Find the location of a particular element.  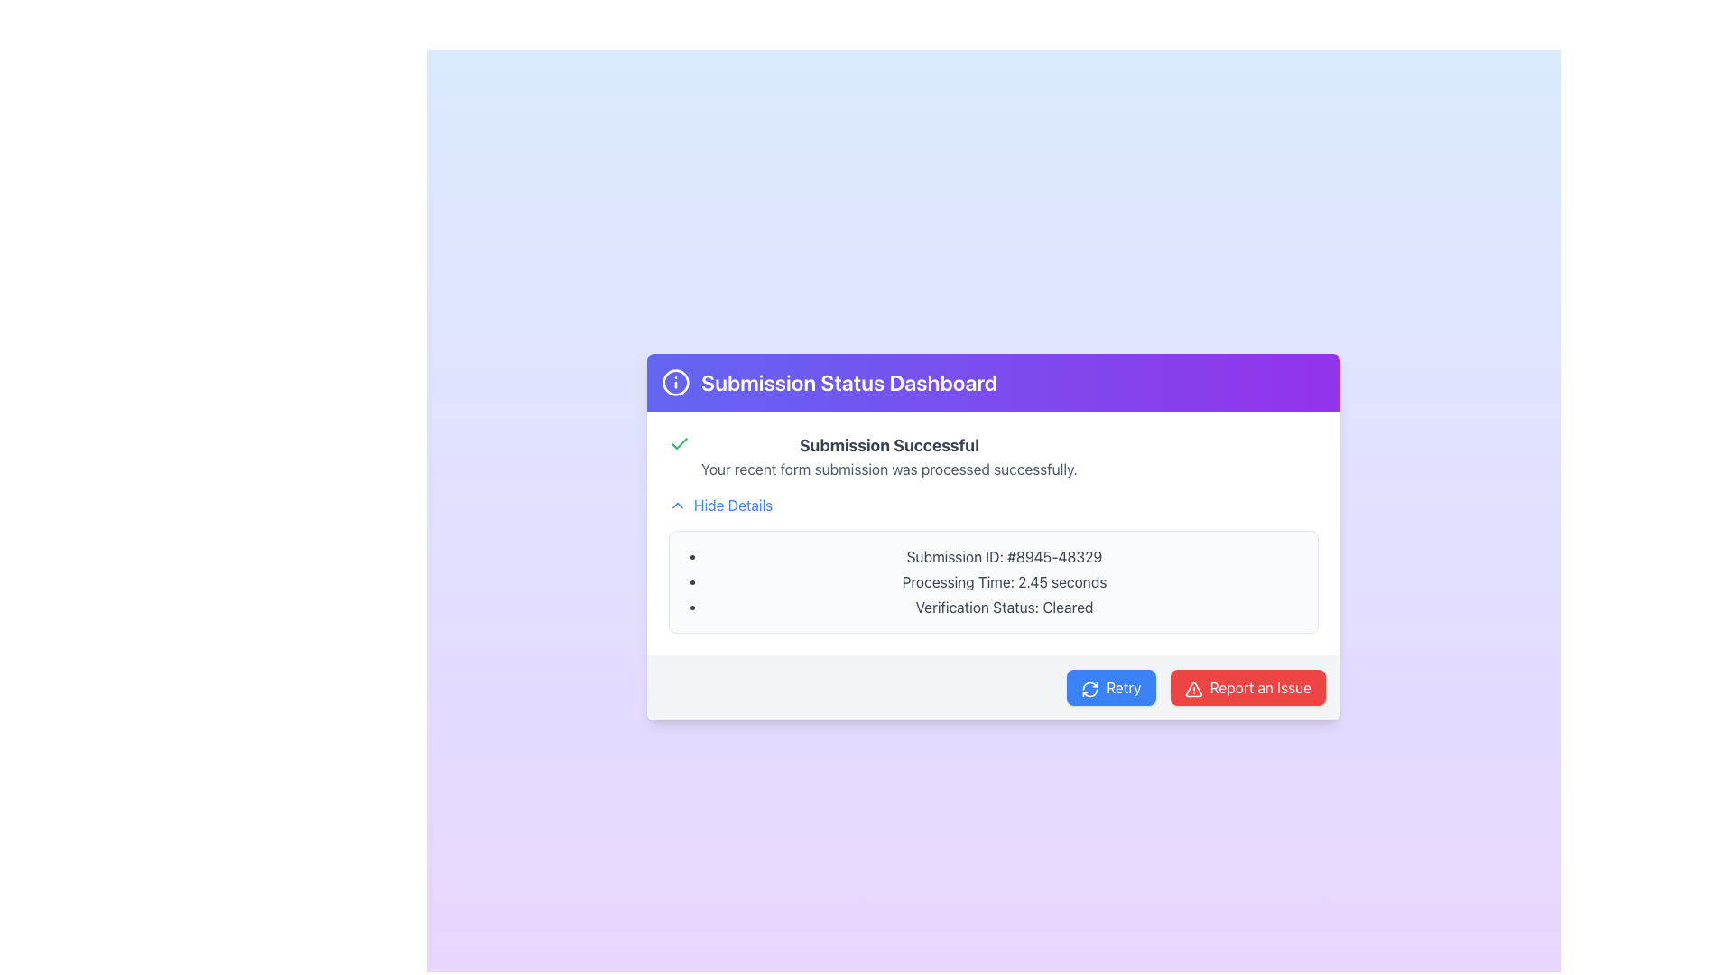

the static text element displaying 'Submission ID: #8945-48329', which is the first item in a bulleted list under the title 'Submission Successful' is located at coordinates (1004, 556).